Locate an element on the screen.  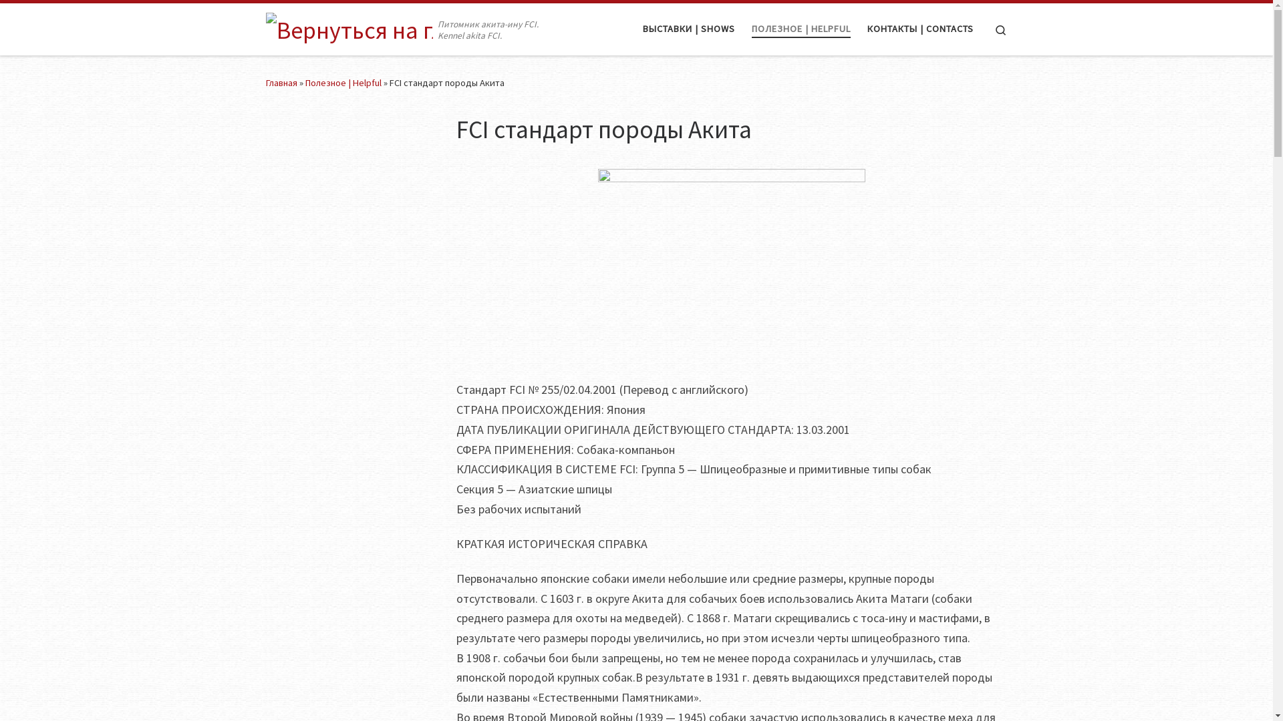
'Search' is located at coordinates (984, 29).